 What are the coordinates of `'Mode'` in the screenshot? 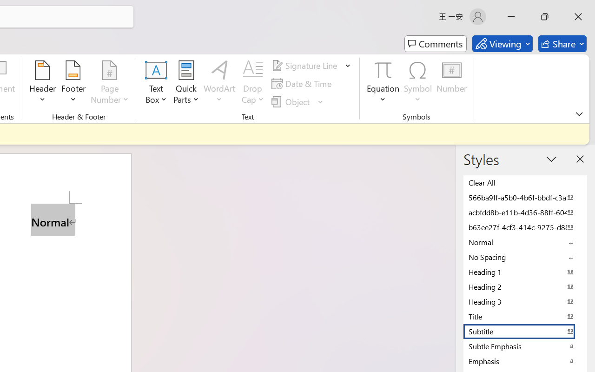 It's located at (502, 44).